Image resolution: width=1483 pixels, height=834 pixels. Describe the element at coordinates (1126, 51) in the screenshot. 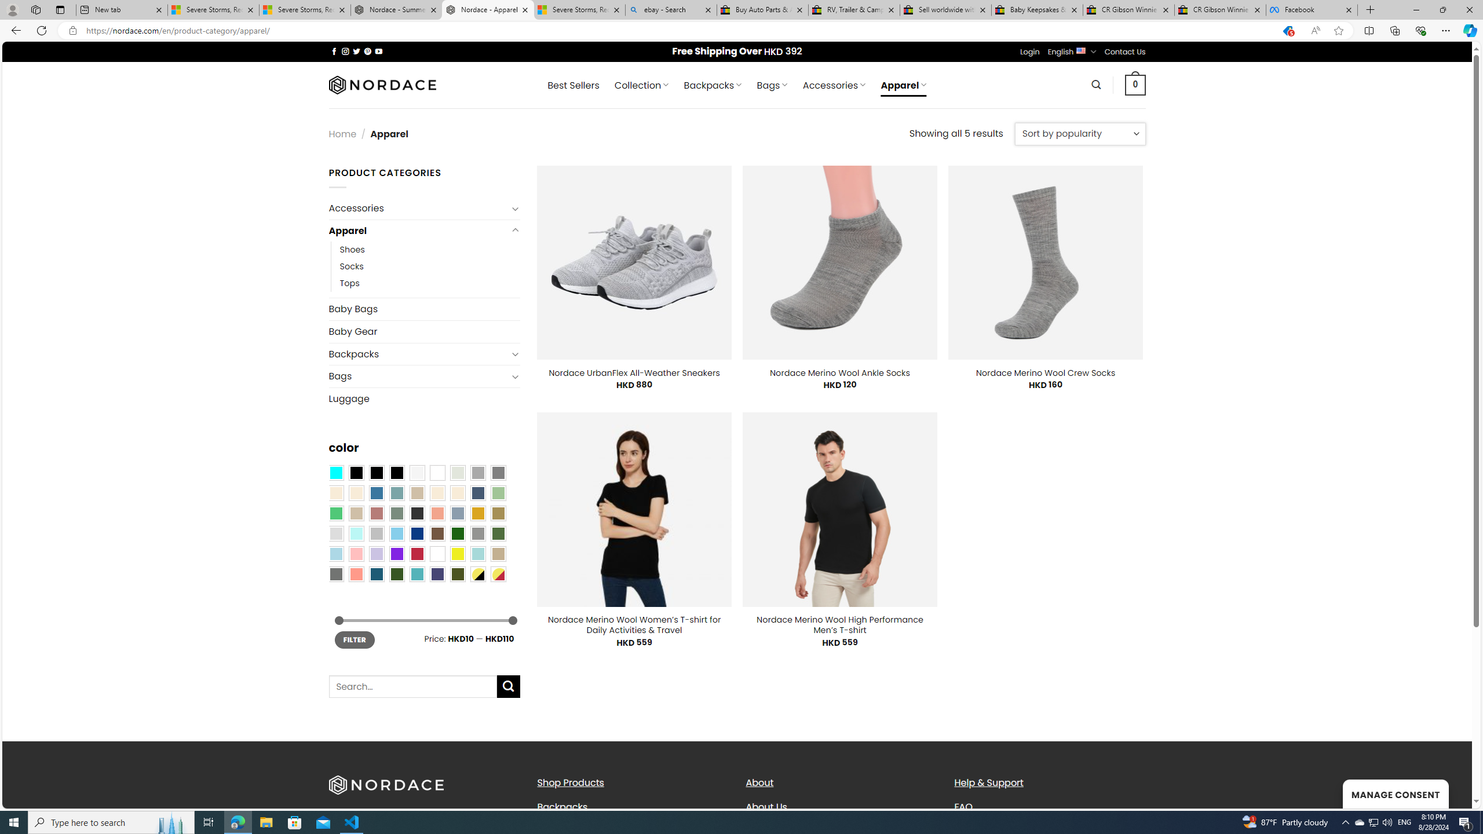

I see `'Contact Us'` at that location.